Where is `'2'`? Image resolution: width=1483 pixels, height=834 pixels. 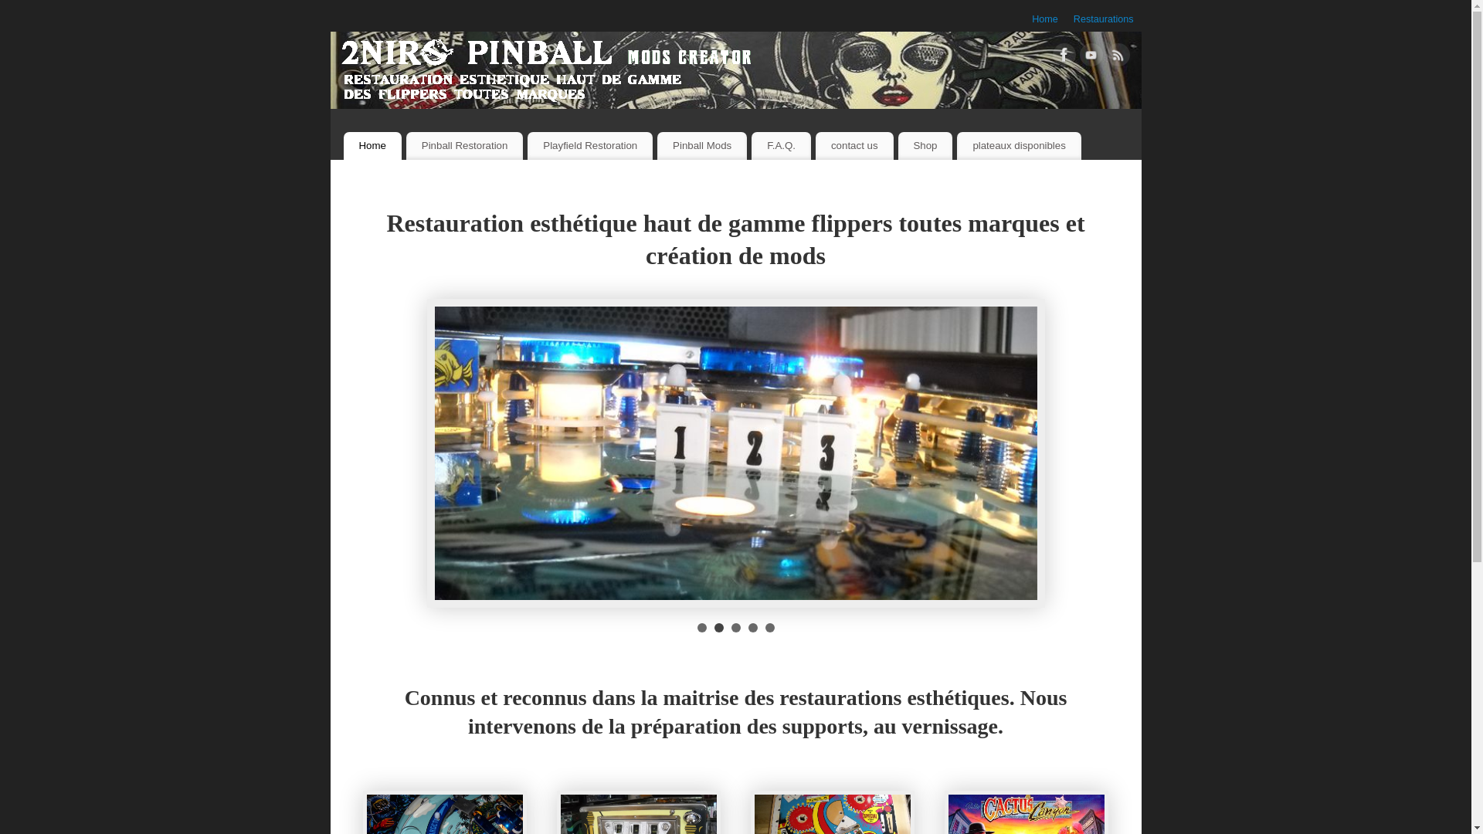 '2' is located at coordinates (718, 628).